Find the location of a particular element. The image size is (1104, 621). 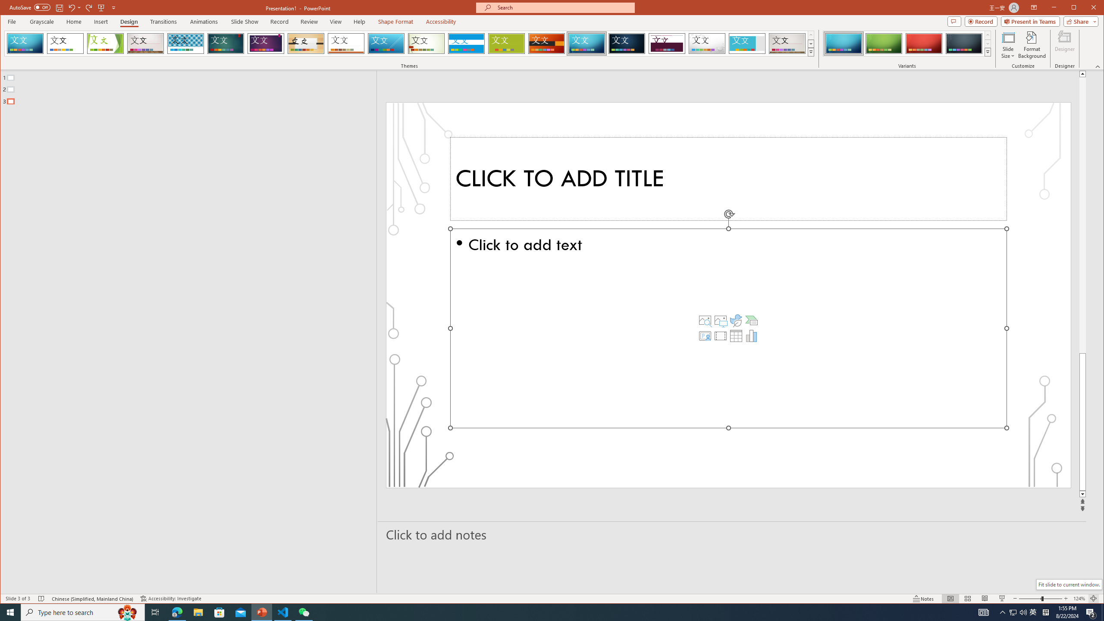

'Circuit Variant 2' is located at coordinates (884, 43).